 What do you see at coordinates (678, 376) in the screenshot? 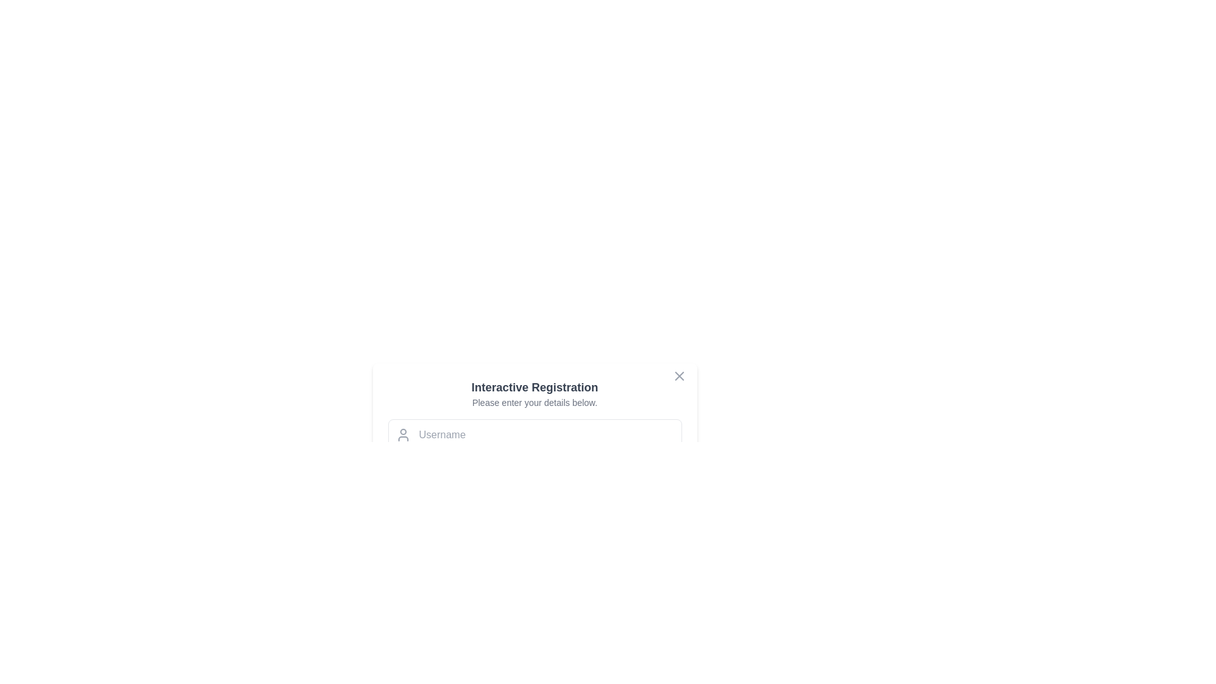
I see `the 'X' shaped close icon located in the top-right corner of the 'Interactive Registration' dialog box` at bounding box center [678, 376].